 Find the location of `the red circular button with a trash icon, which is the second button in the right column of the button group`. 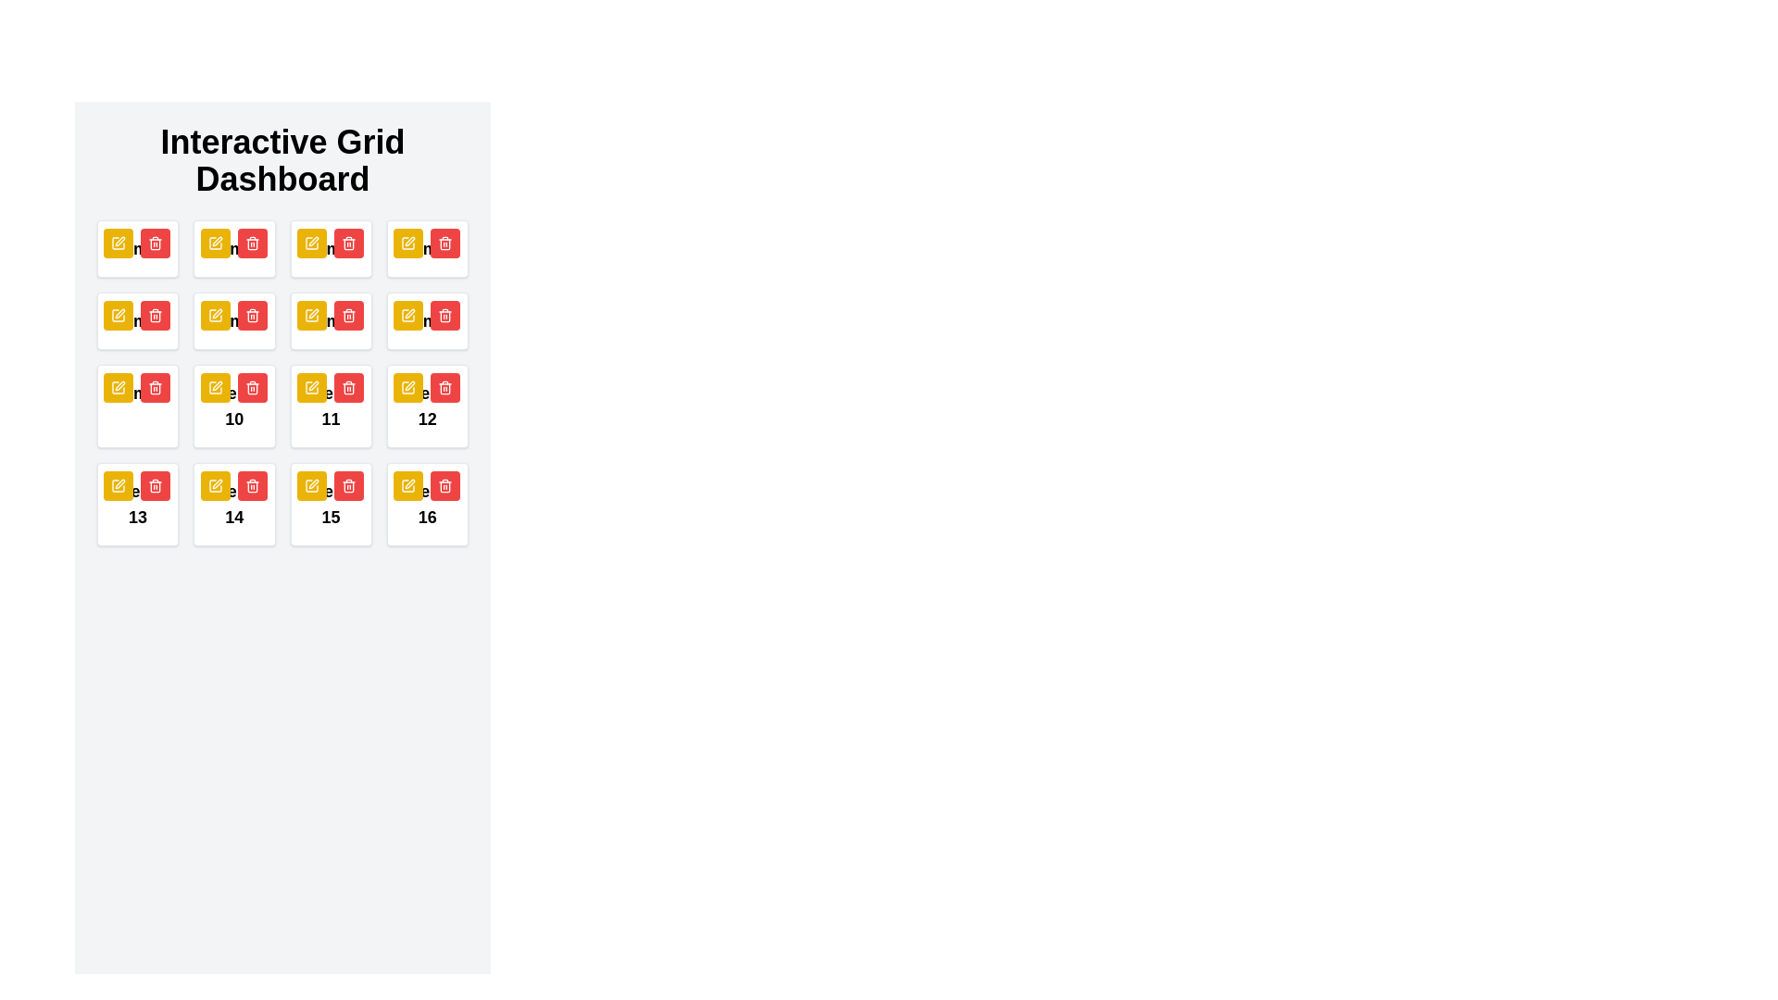

the red circular button with a trash icon, which is the second button in the right column of the button group is located at coordinates (348, 484).